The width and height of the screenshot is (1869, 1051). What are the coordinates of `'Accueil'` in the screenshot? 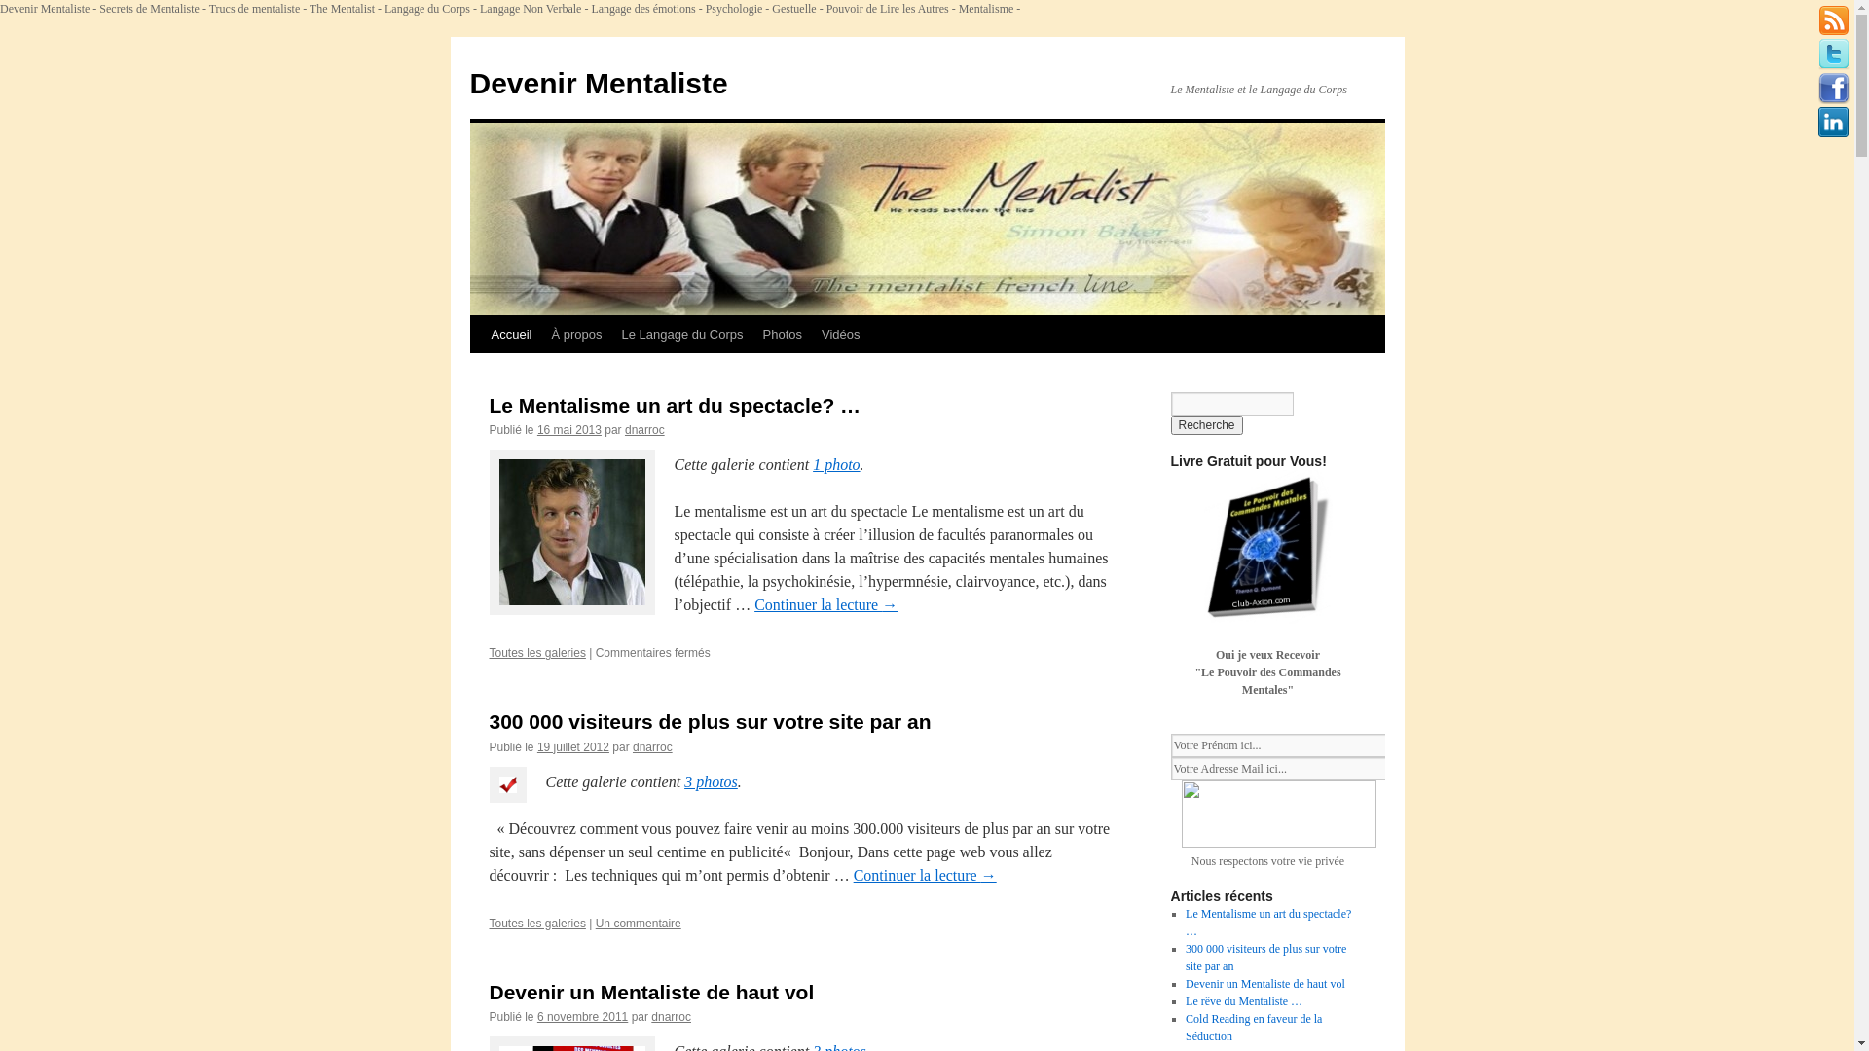 It's located at (510, 333).